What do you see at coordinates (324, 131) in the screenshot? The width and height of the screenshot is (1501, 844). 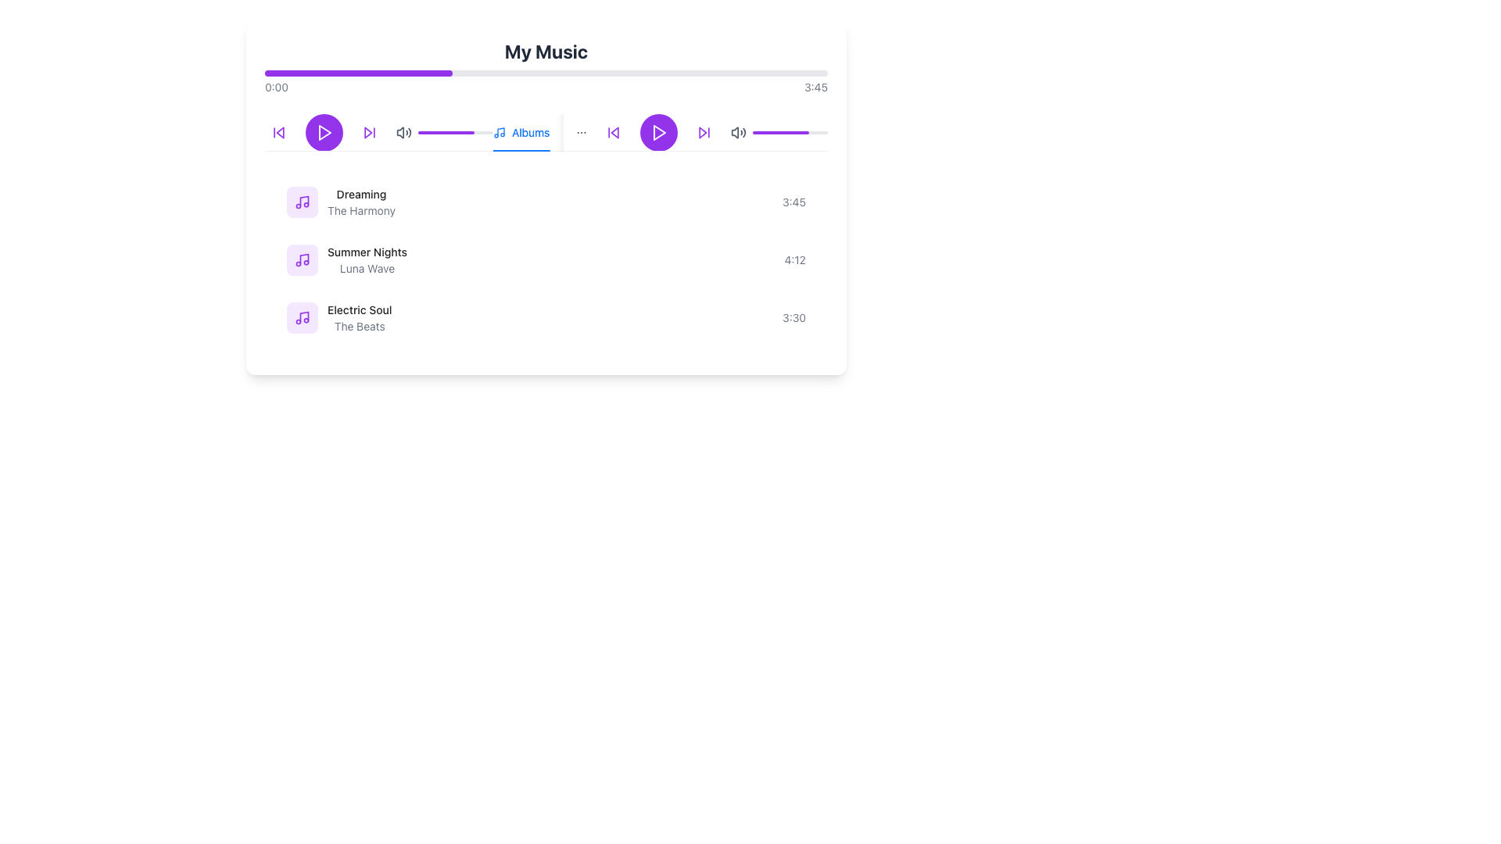 I see `the triangular outlined play icon located within the purple circular button in the top navigation bar` at bounding box center [324, 131].